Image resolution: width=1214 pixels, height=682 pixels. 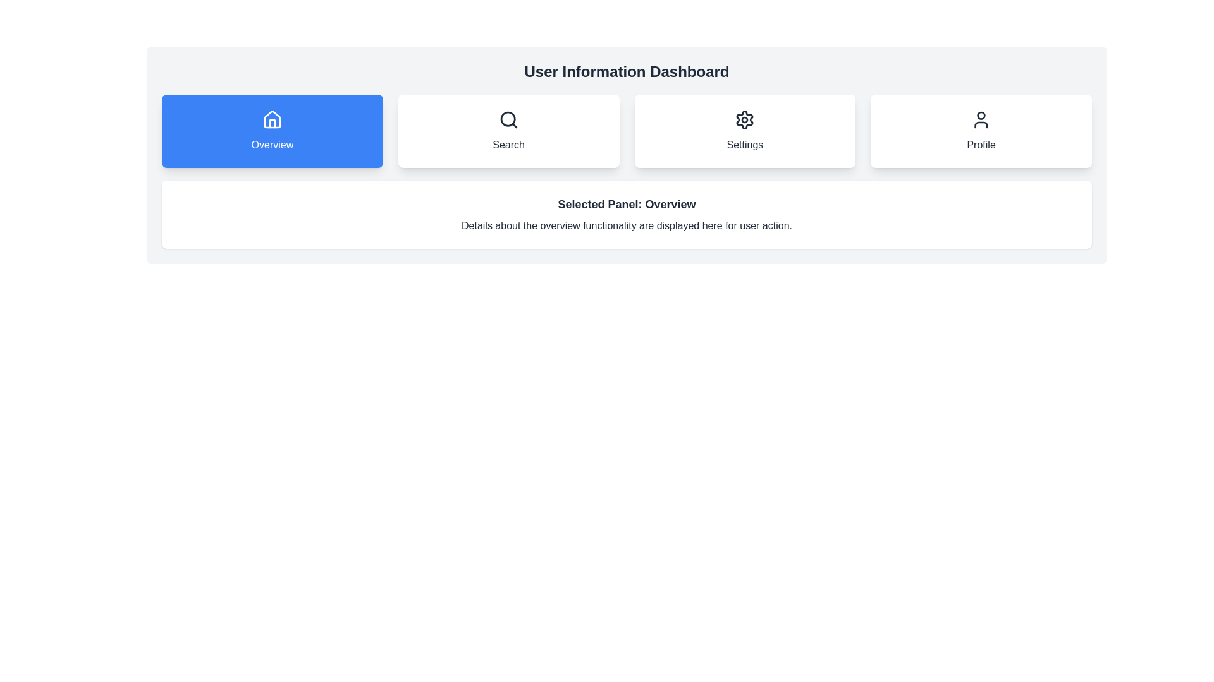 What do you see at coordinates (981, 131) in the screenshot?
I see `the 'Profile' button` at bounding box center [981, 131].